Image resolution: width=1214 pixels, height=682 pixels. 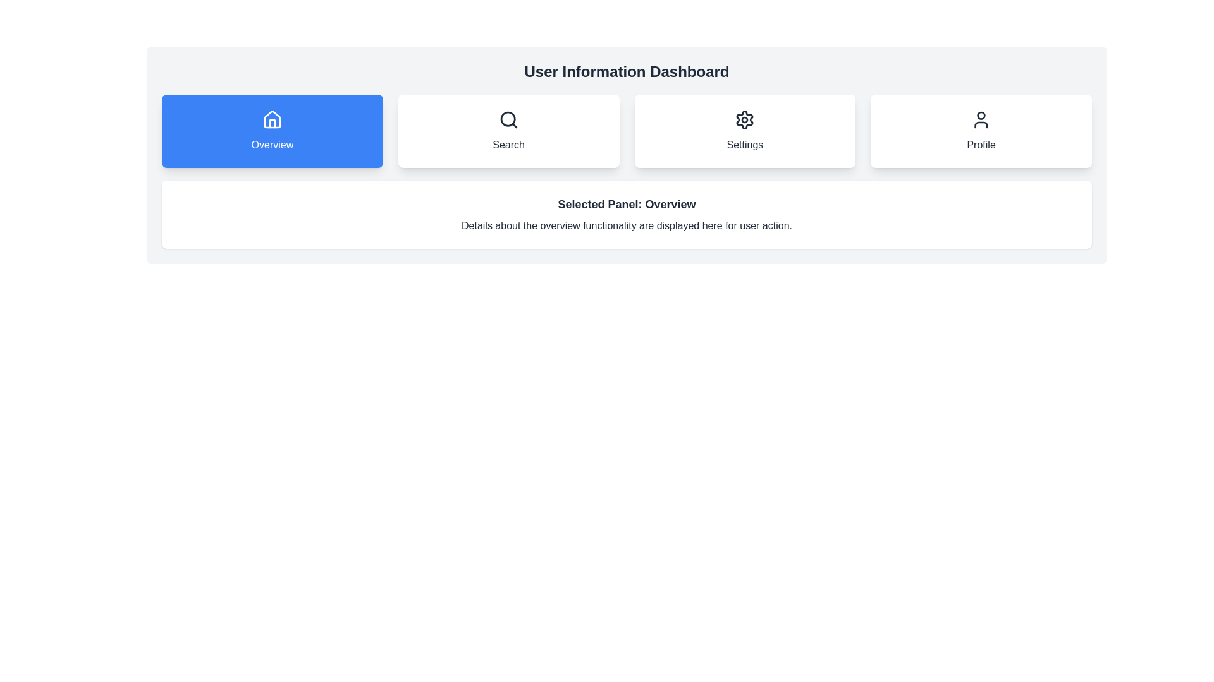 What do you see at coordinates (981, 131) in the screenshot?
I see `the 'Profile' button` at bounding box center [981, 131].